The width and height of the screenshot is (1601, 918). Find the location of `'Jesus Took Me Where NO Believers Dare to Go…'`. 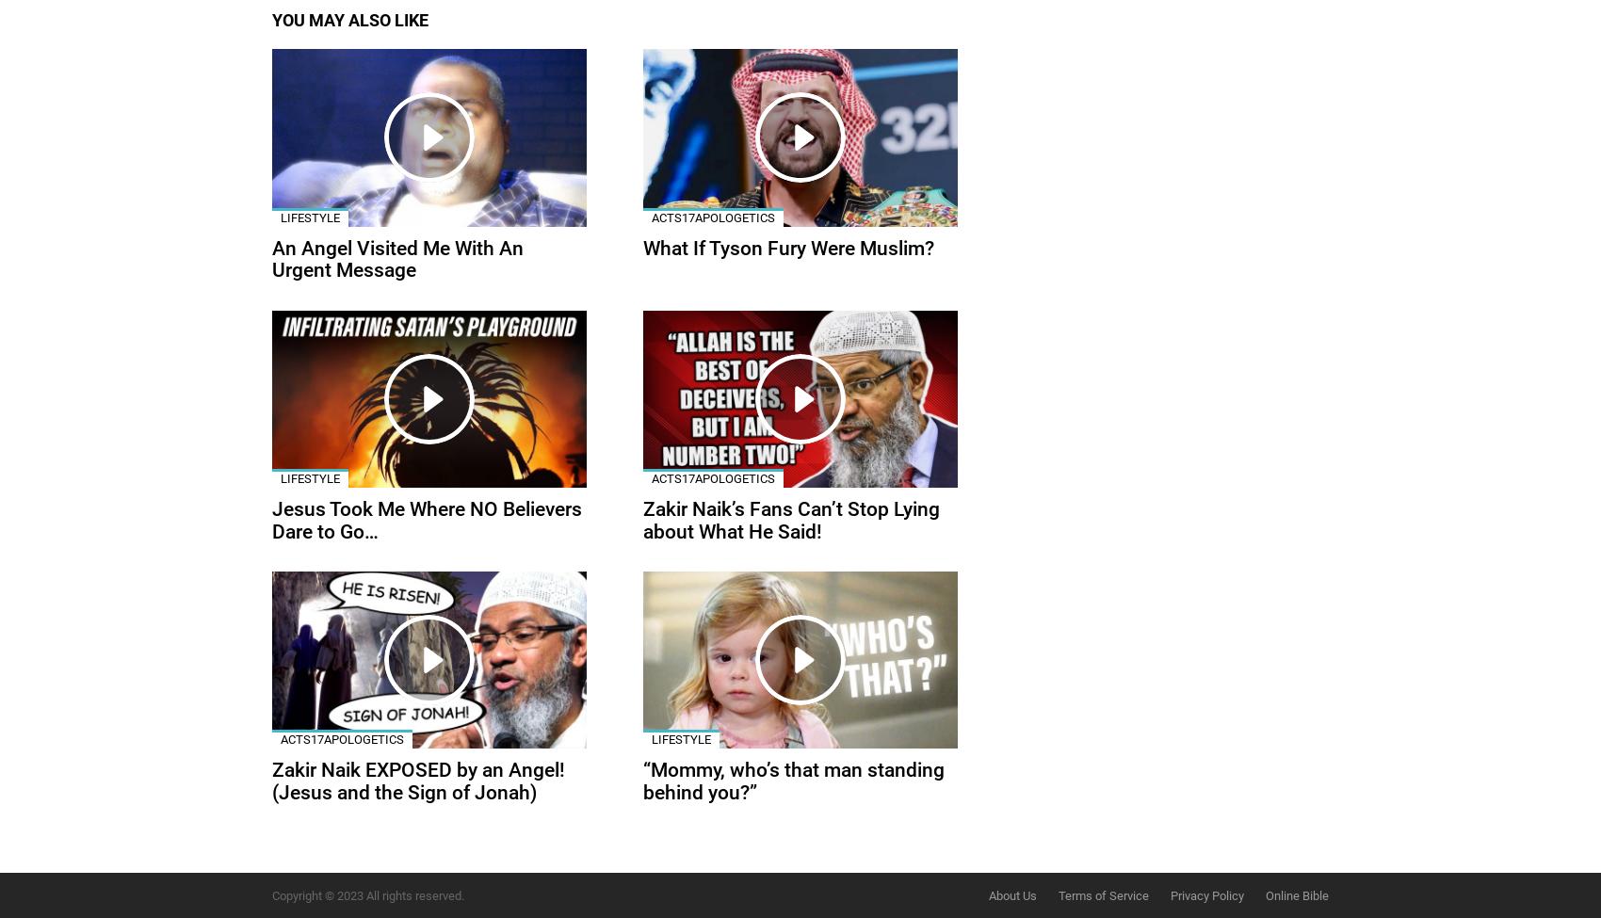

'Jesus Took Me Where NO Believers Dare to Go…' is located at coordinates (427, 519).